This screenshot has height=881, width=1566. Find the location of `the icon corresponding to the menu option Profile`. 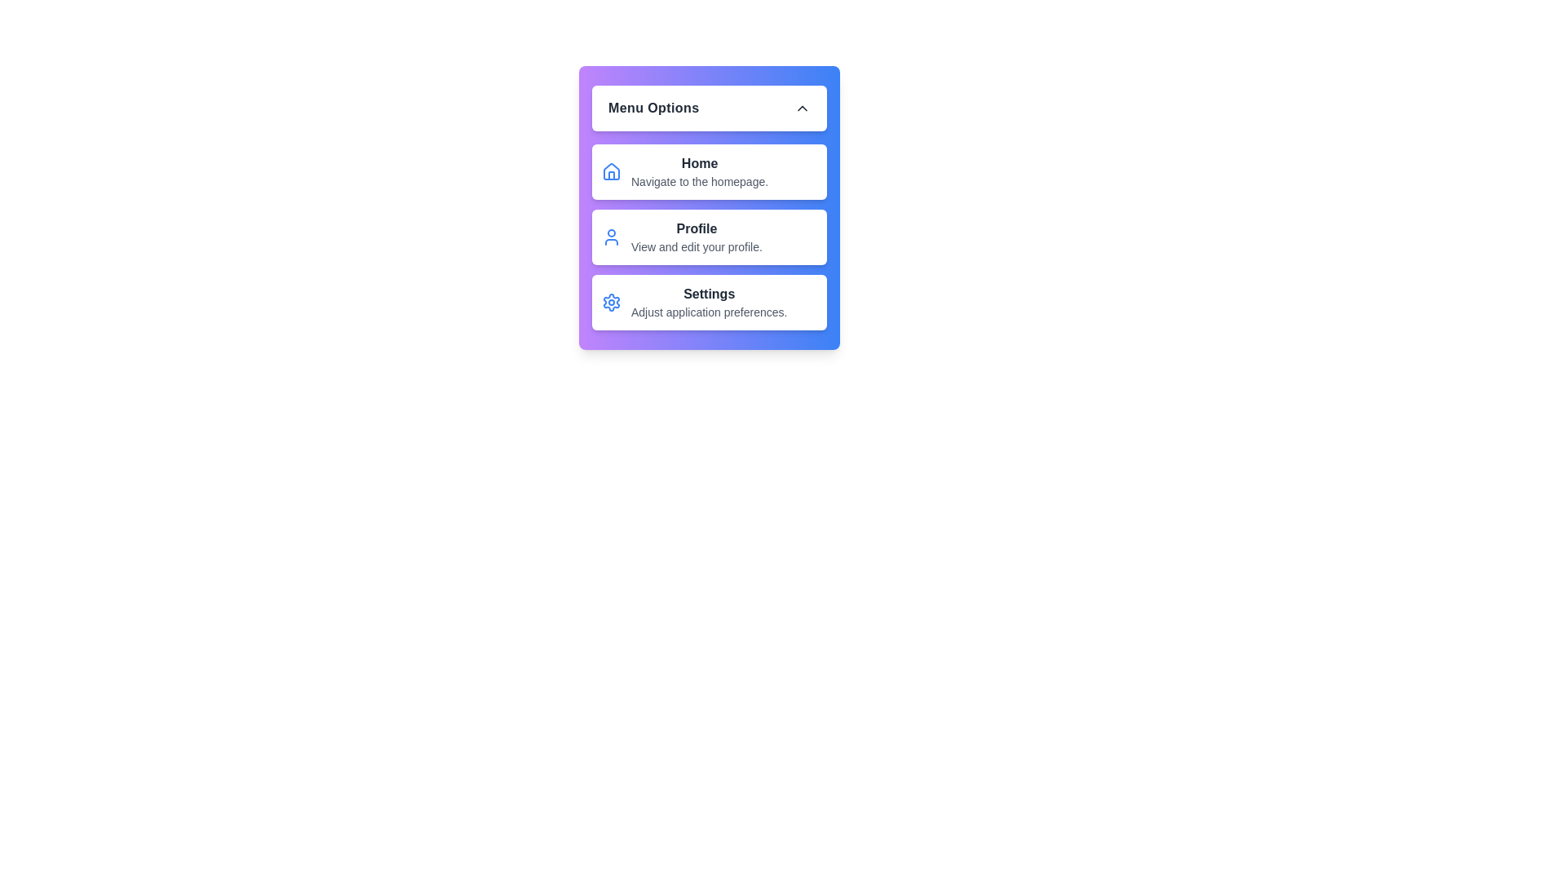

the icon corresponding to the menu option Profile is located at coordinates (610, 237).